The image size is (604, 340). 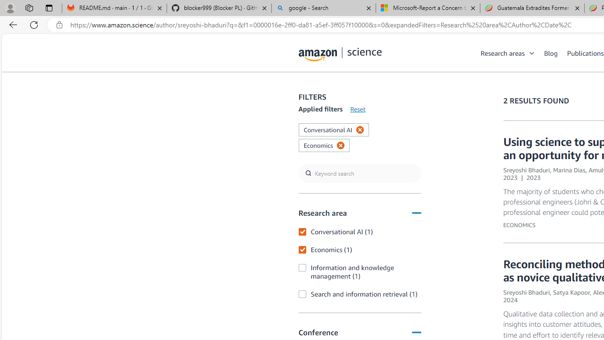 I want to click on 'Publications', so click(x=585, y=52).